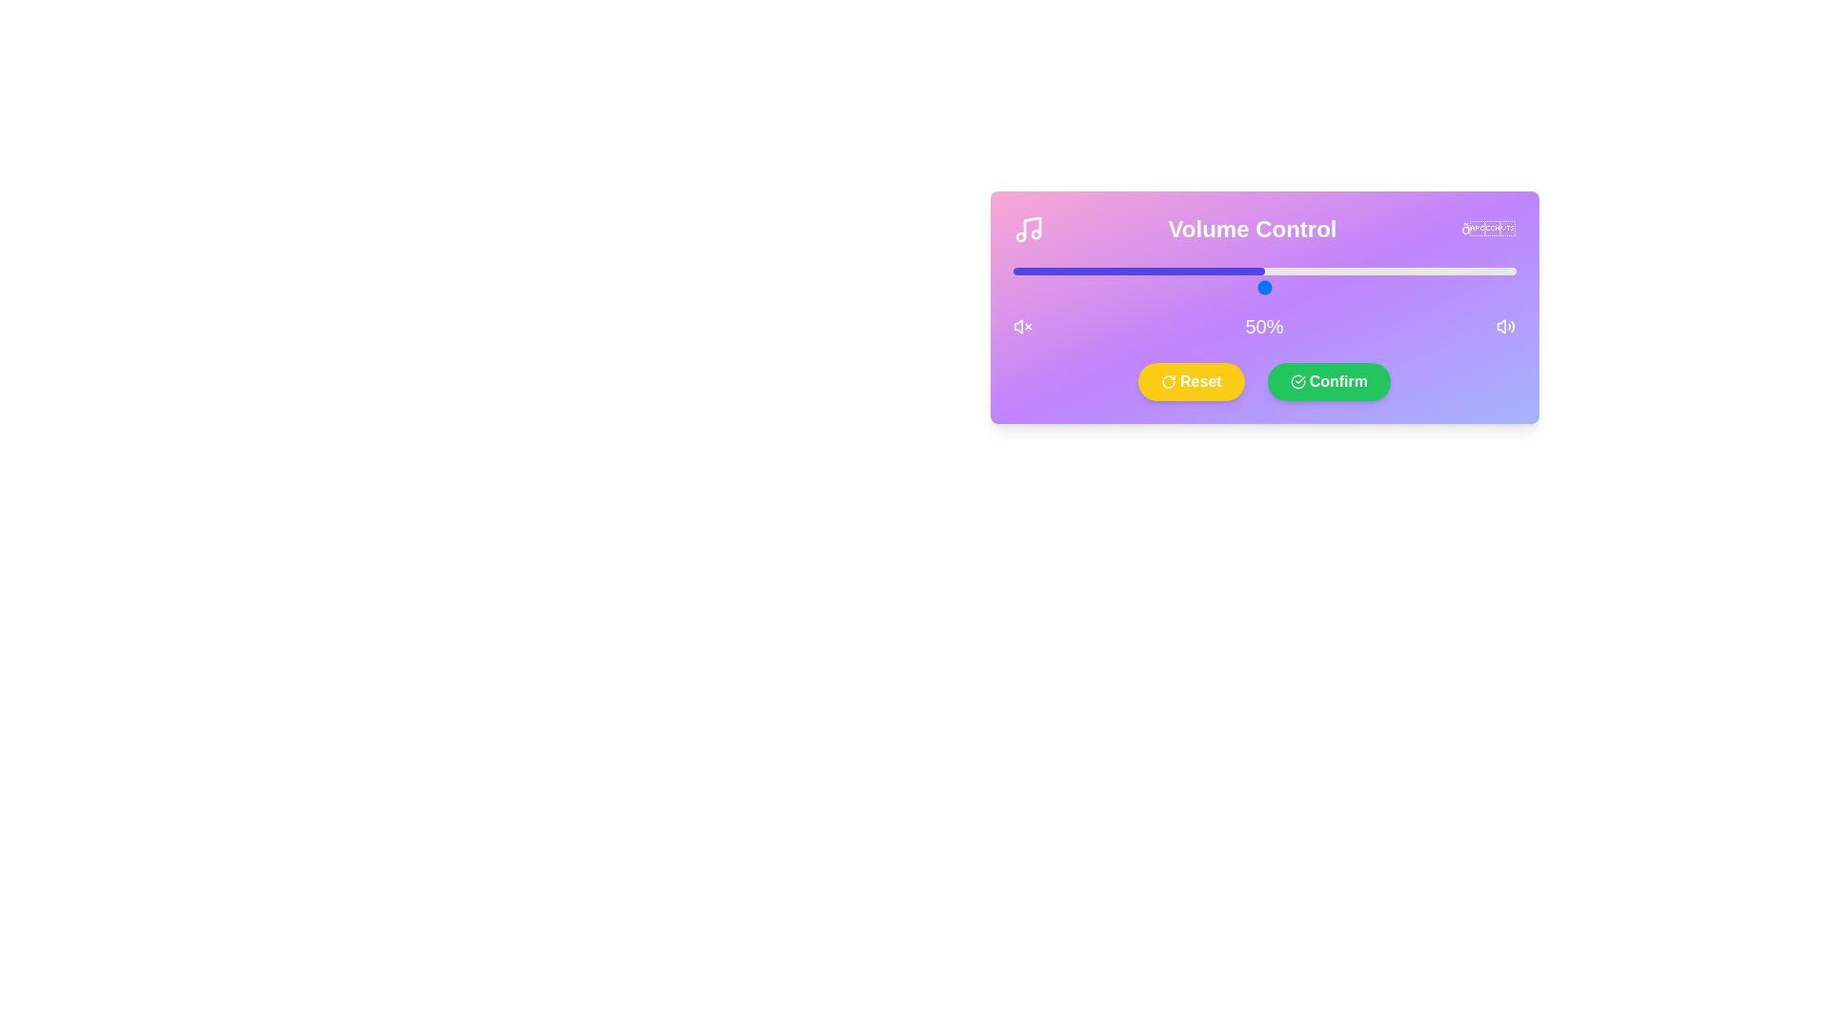  What do you see at coordinates (1264, 272) in the screenshot?
I see `the horizontal progress bar located centrally beneath the 'Volume Control' label and above the '50%' text, which is filled halfway in blue and has a light gray background` at bounding box center [1264, 272].